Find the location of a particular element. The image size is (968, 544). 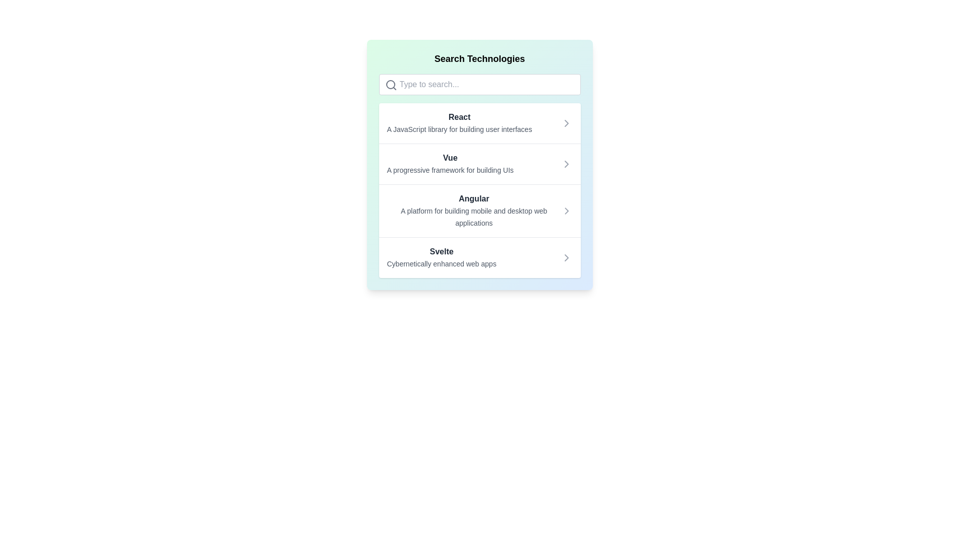

the search input field styled with a white background and rounded borders, located below the 'Search Technologies' section is located at coordinates (479, 84).